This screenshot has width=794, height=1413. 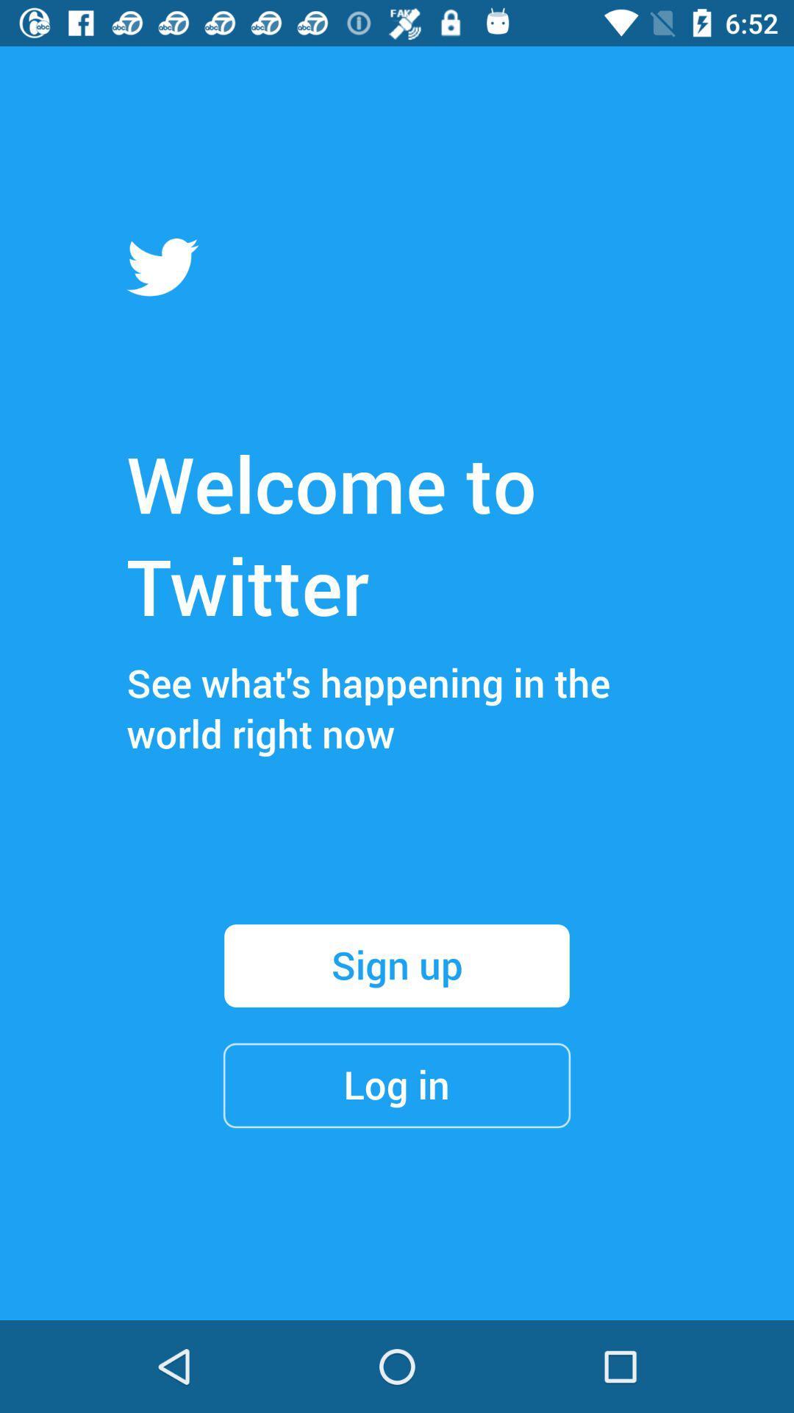 I want to click on the icon above the log in item, so click(x=397, y=966).